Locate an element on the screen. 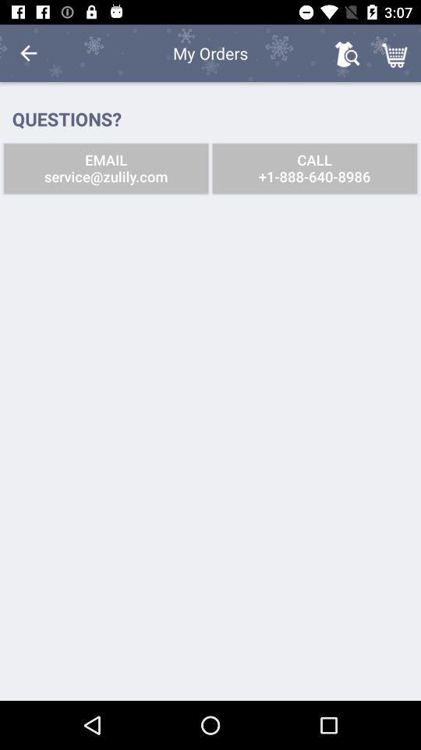  the item above the call 1 888 icon is located at coordinates (396, 53).